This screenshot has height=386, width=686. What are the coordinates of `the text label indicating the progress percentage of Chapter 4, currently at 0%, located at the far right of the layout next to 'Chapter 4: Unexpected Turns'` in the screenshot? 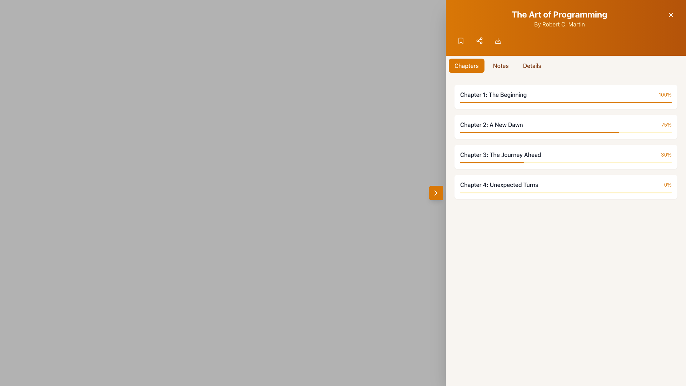 It's located at (667, 184).